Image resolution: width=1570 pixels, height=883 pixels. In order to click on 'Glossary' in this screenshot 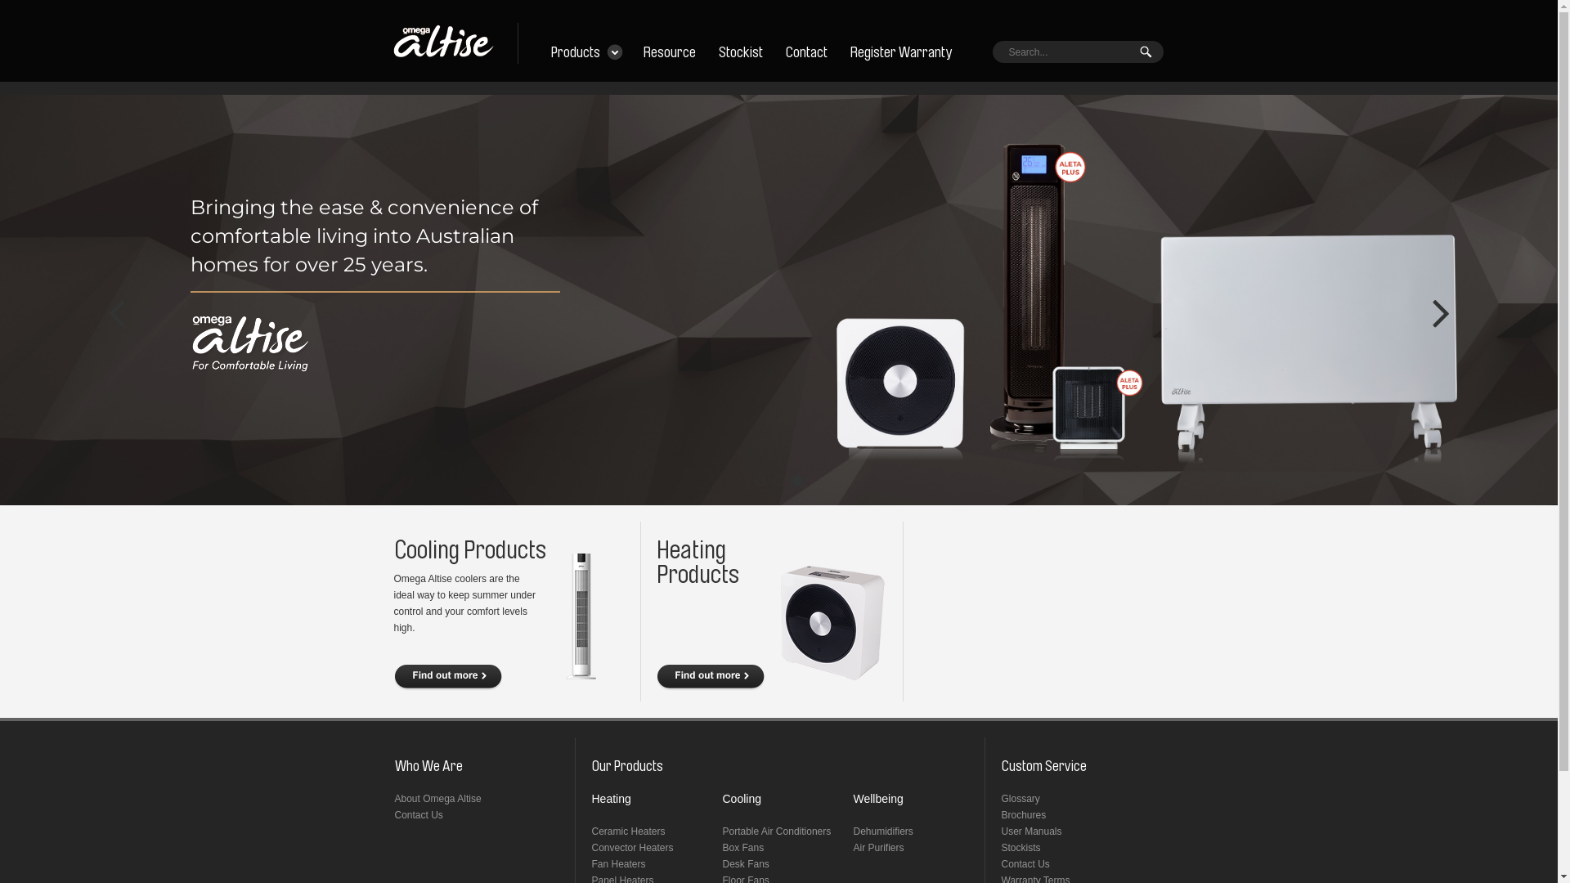, I will do `click(1019, 797)`.